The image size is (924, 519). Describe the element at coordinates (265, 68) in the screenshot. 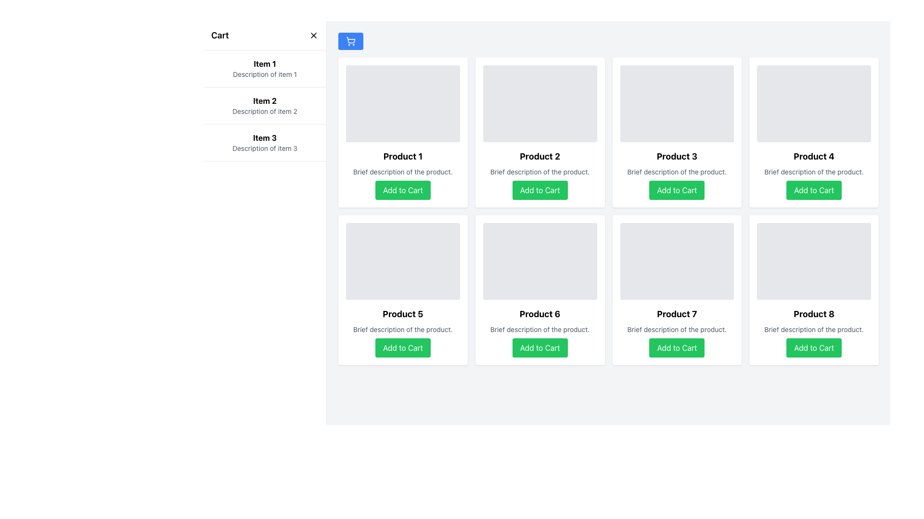

I see `the first list item in the sidebar labeled 'Cart' which displays 'Item 1' in bold and 'Description of item 1' in a smaller font` at that location.